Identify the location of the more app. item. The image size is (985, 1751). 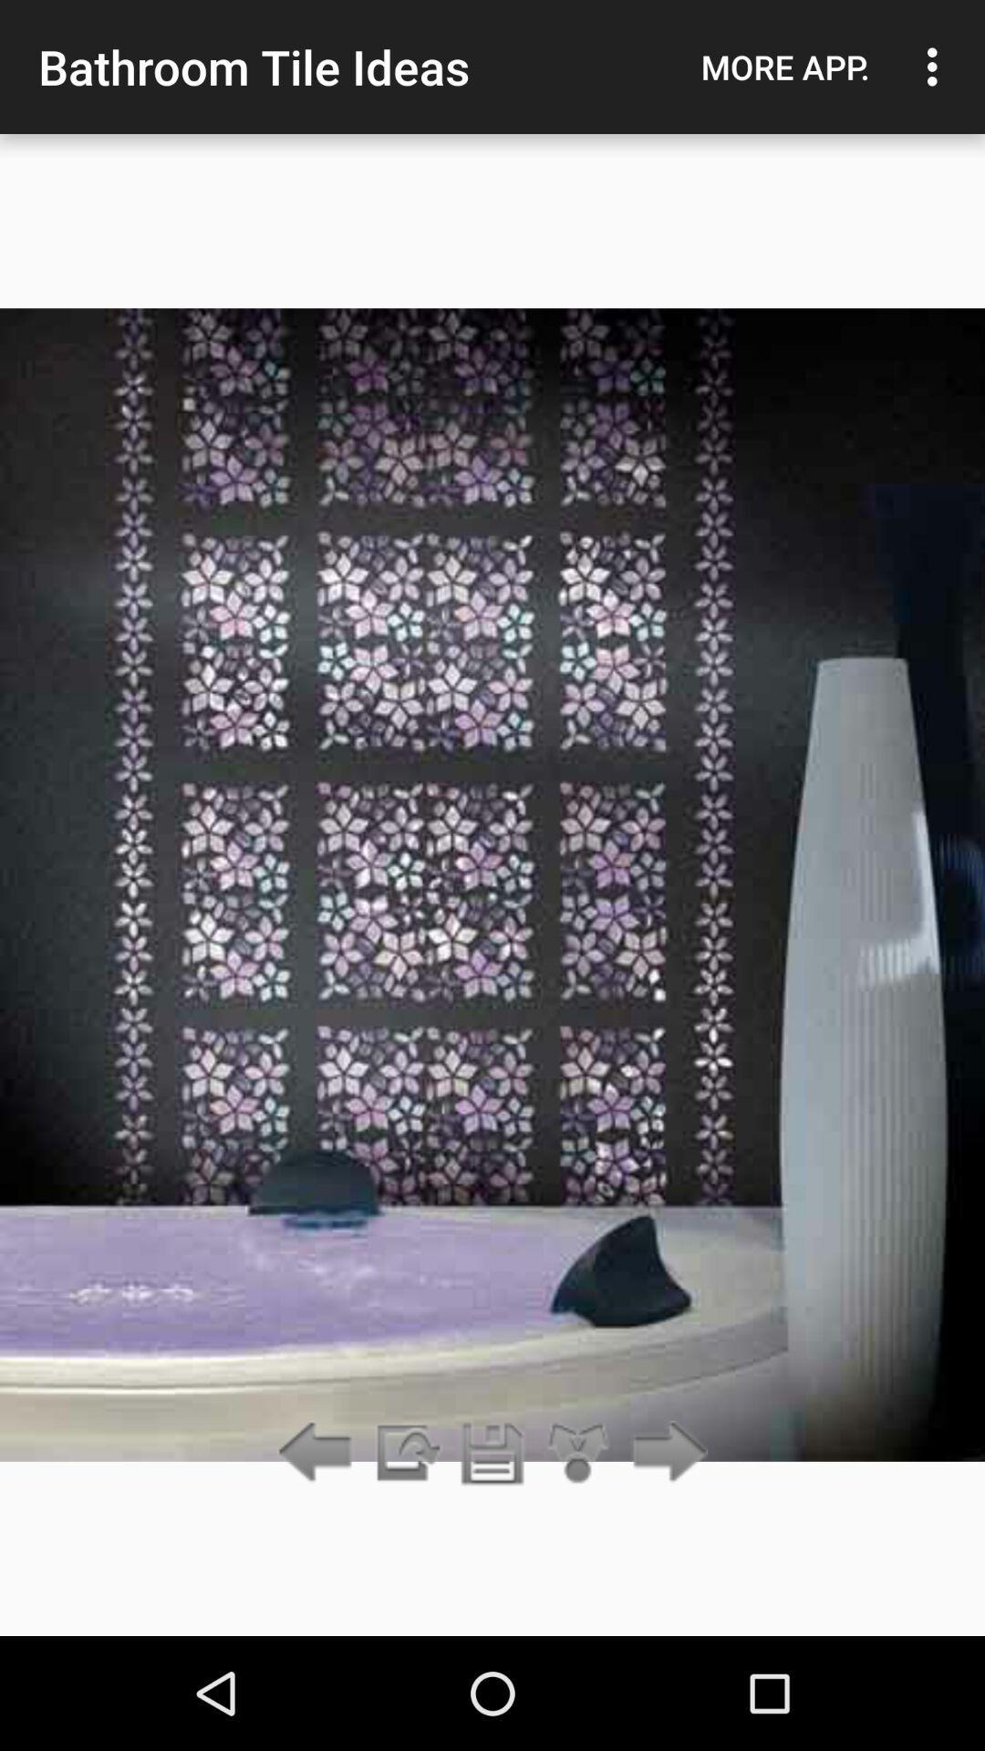
(784, 67).